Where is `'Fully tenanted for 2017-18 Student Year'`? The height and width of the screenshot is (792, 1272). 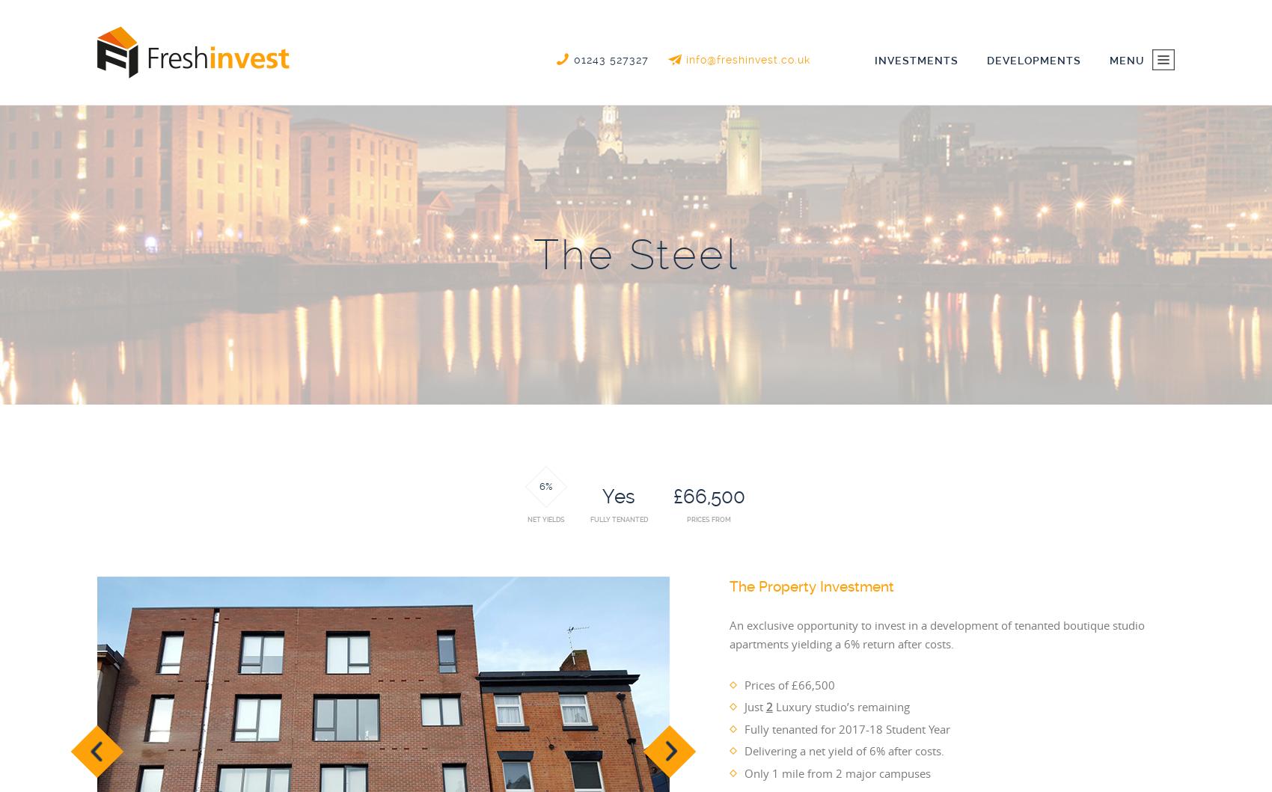 'Fully tenanted for 2017-18 Student Year' is located at coordinates (846, 727).